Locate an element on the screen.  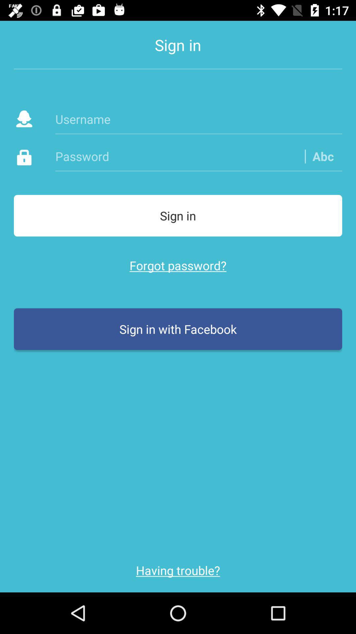
forgot password? item is located at coordinates (178, 265).